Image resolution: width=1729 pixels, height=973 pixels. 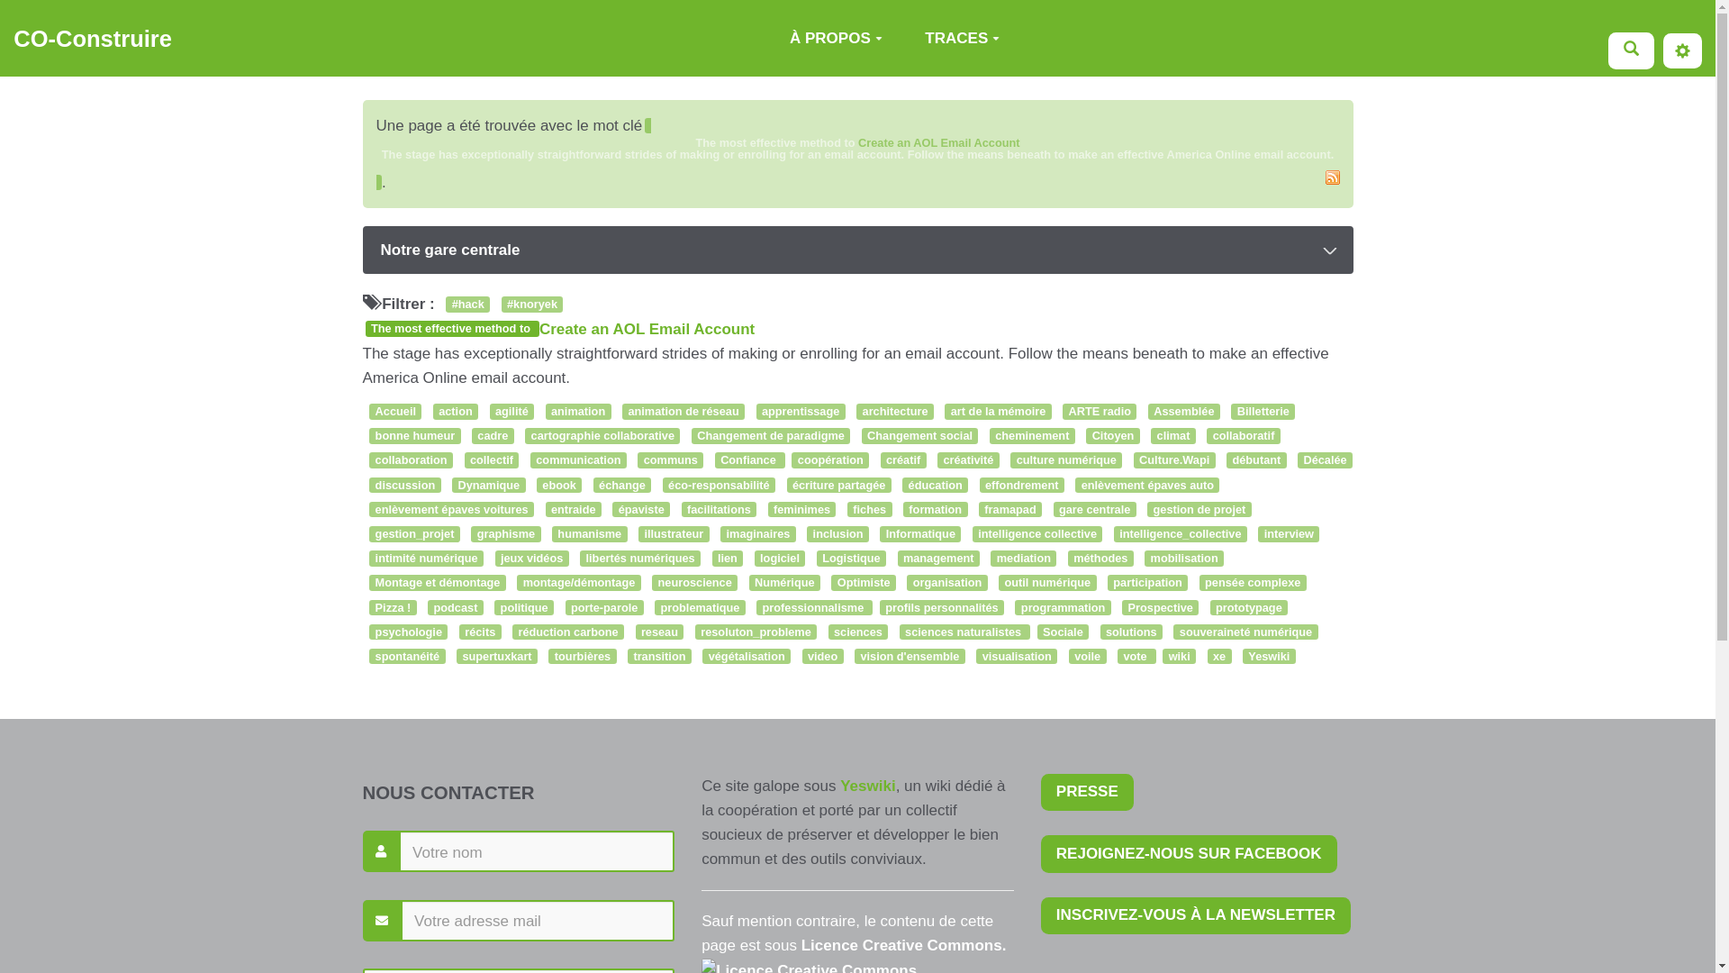 I want to click on 'entraide', so click(x=573, y=510).